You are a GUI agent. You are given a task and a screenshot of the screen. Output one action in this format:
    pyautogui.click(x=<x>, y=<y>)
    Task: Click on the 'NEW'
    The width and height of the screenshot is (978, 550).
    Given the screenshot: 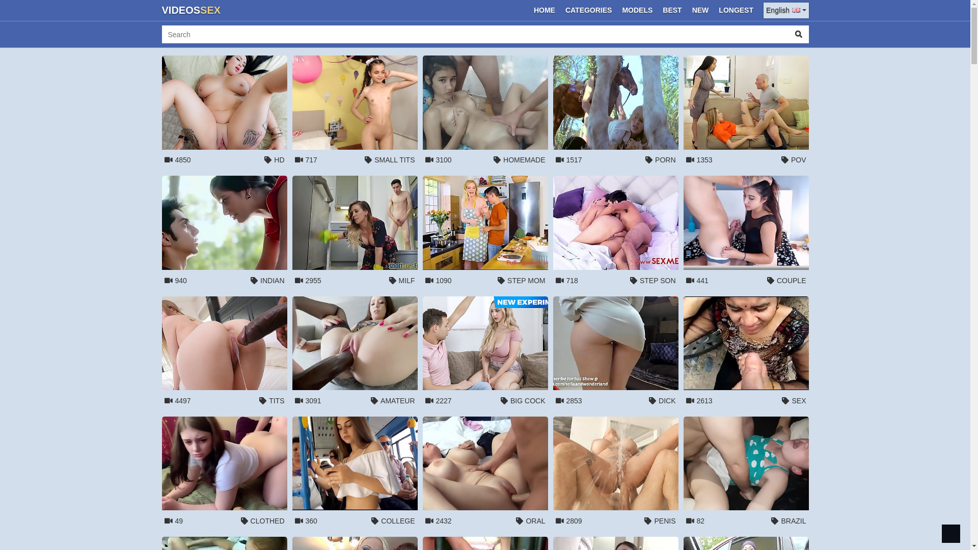 What is the action you would take?
    pyautogui.click(x=700, y=10)
    